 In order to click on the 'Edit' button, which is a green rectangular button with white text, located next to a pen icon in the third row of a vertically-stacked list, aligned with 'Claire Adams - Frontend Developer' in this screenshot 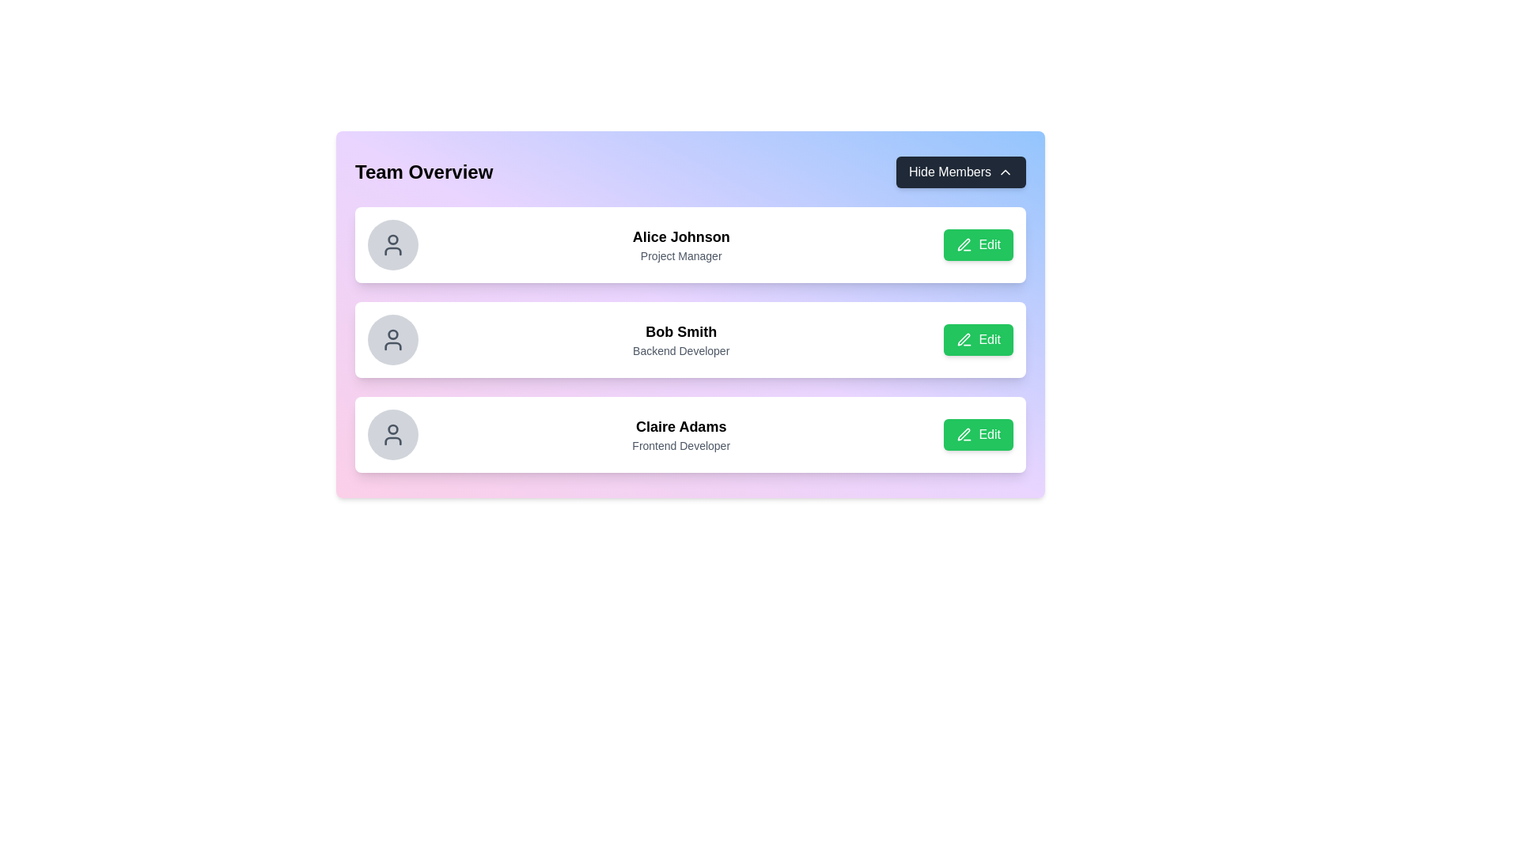, I will do `click(989, 435)`.